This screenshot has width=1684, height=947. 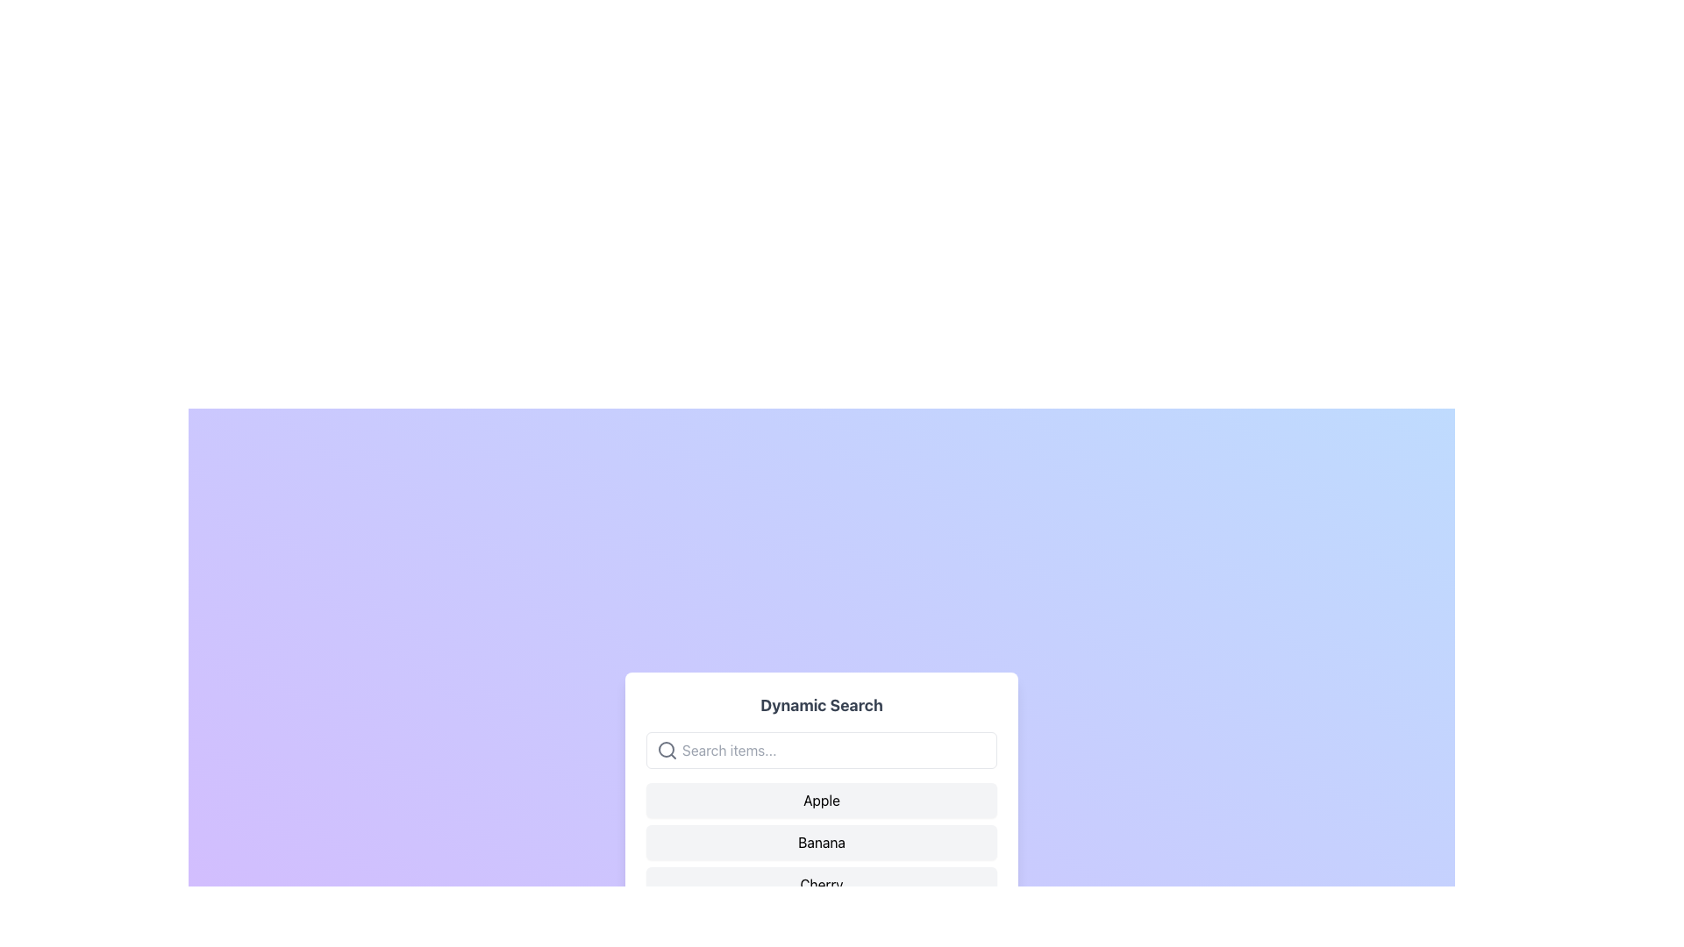 I want to click on the second selectable item in the dynamic search results list, located below the 'Apple' element and above the 'Cherry' element, so click(x=820, y=841).